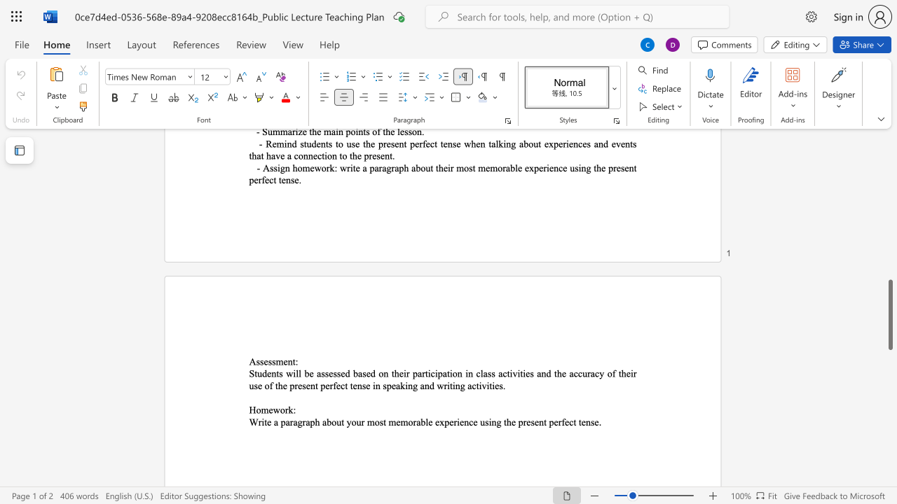 Image resolution: width=897 pixels, height=504 pixels. I want to click on the scrollbar to scroll upward, so click(889, 196).